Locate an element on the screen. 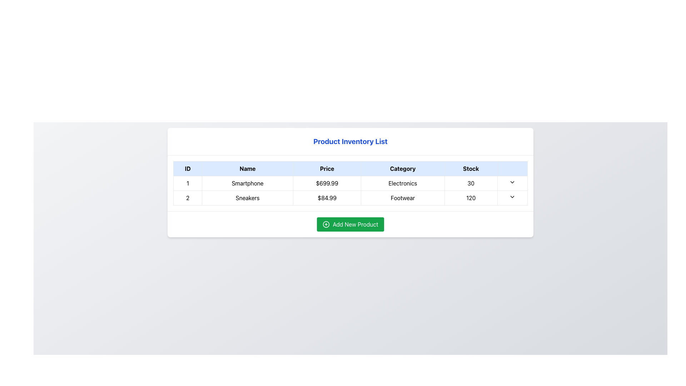 The width and height of the screenshot is (686, 386). the small downward arrow button in the 'Stock' column of the 'Sneakers' row in the 'Product Inventory List' is located at coordinates (512, 198).